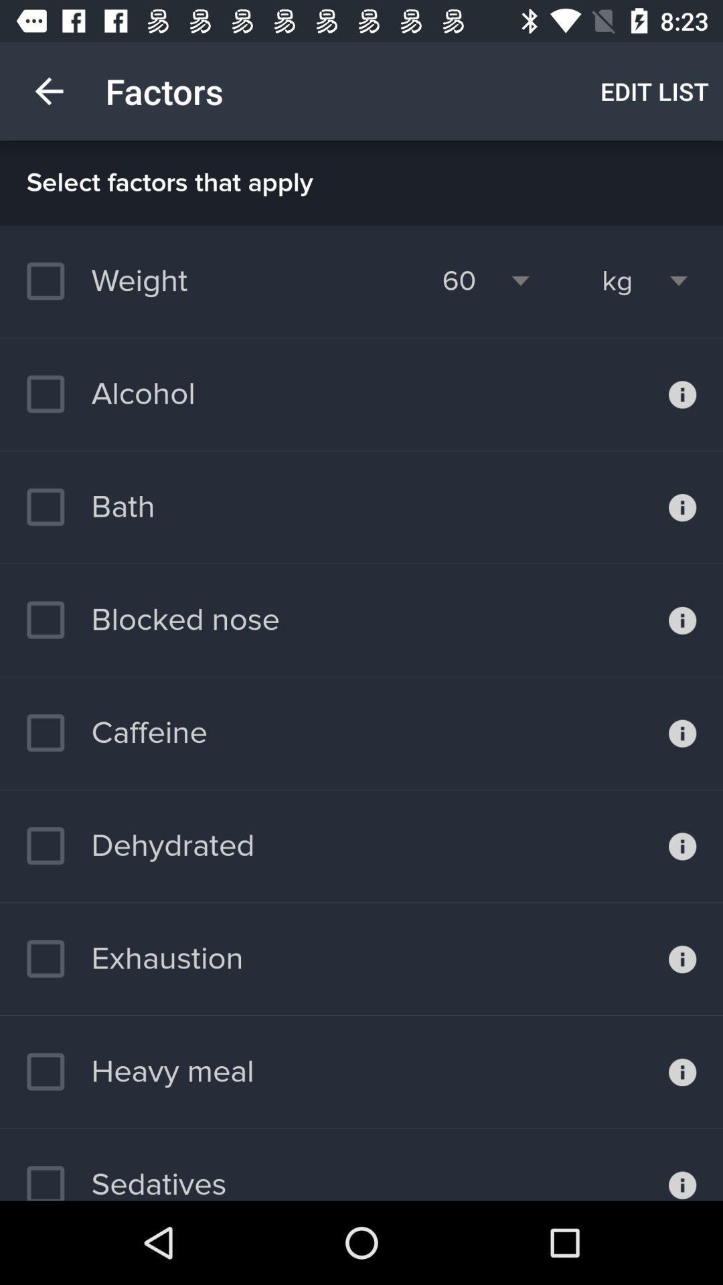 The width and height of the screenshot is (723, 1285). I want to click on item below caffeine item, so click(140, 845).